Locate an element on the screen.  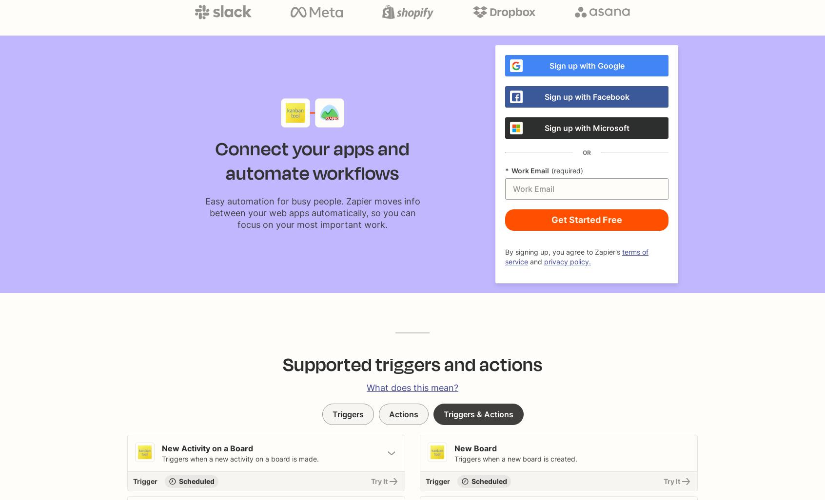
'Required' is located at coordinates (553, 170).